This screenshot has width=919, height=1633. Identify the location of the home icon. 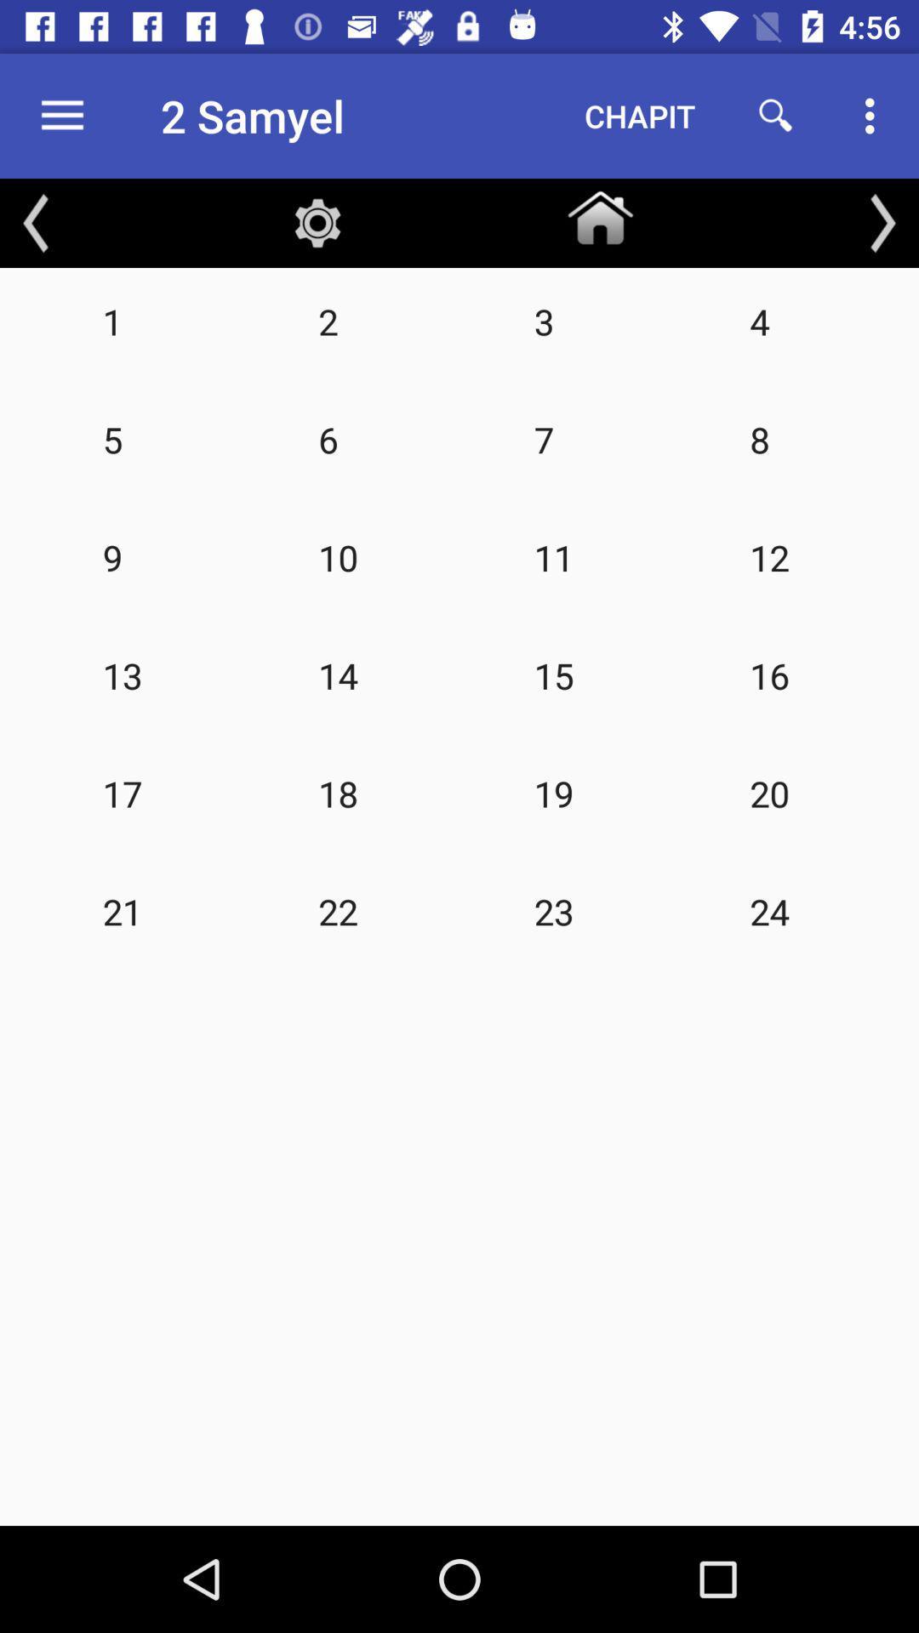
(599, 213).